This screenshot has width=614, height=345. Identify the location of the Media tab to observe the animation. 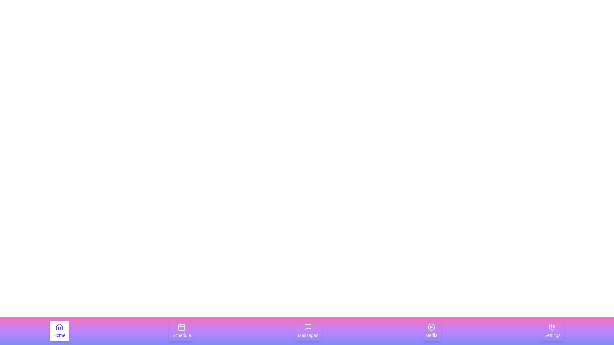
(431, 331).